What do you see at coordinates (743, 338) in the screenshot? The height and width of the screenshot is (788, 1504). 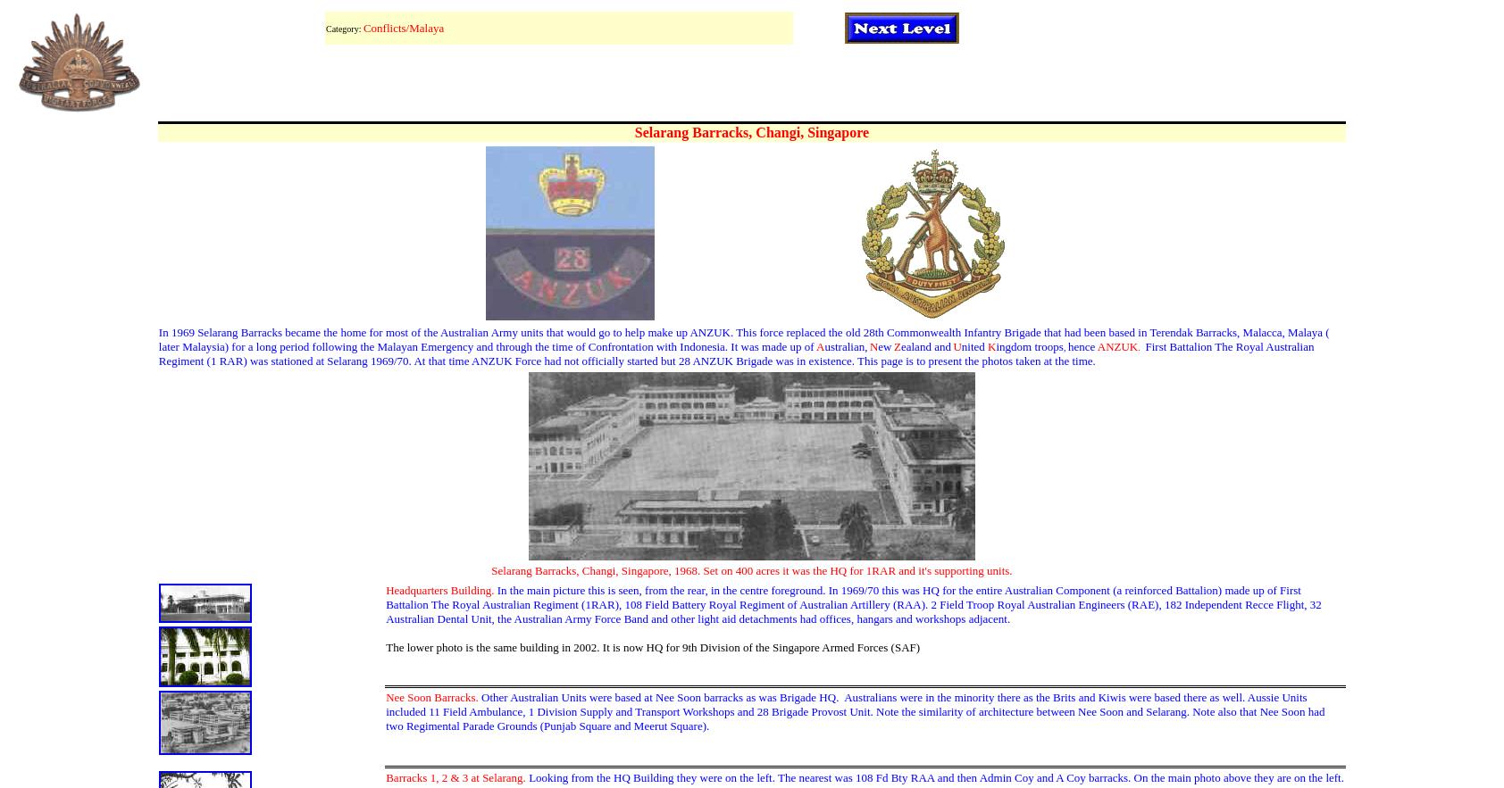 I see `'In 1969 Selarang Barracks
        became the home for most of the Australian Army units that would go to
        help make up ANZUK. This
        force replaced the old 28th Commonwealth Infantry Brigade that had been
        based in Terendak Barracks, Malacca, Malaya ( later Malaysia) for a long
        period following the Malayan Emergency and through the time of Confrontation
        with Indonesia. It was made up of'` at bounding box center [743, 338].